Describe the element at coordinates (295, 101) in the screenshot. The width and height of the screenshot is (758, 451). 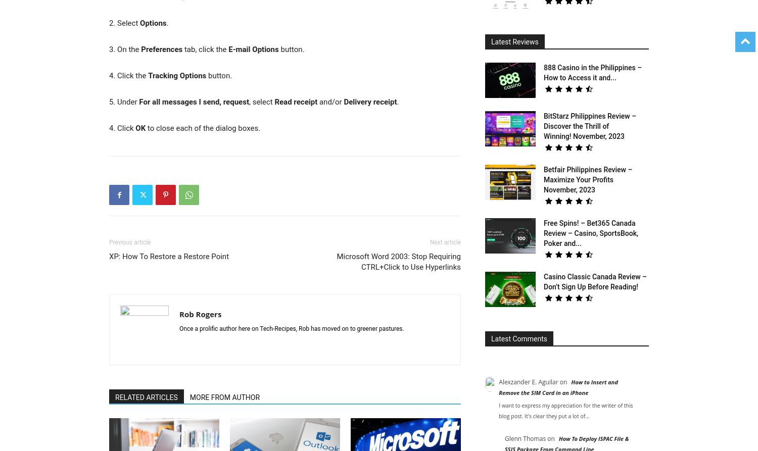
I see `'Read receipt'` at that location.